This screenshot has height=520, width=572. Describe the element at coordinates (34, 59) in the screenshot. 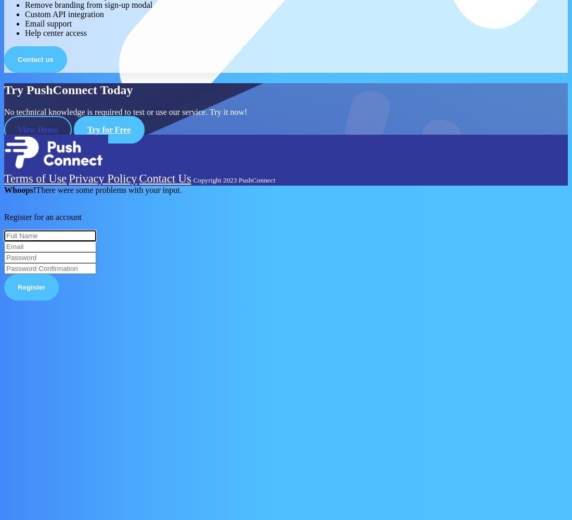

I see `'Contact us'` at that location.